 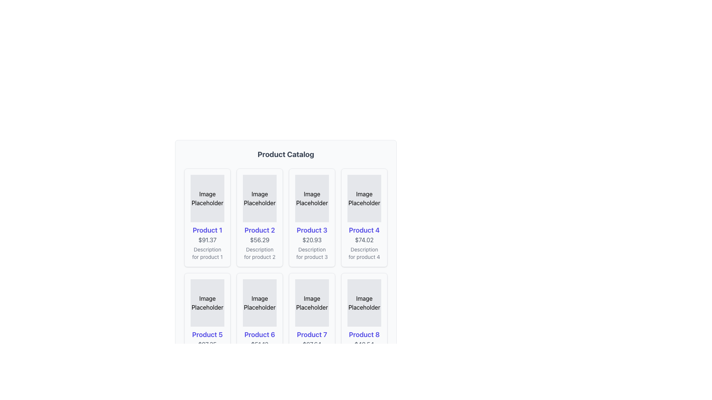 What do you see at coordinates (312, 198) in the screenshot?
I see `the Static Informational Area containing the text 'Image Placeholder' at the top of the card layout for 'Product 3'` at bounding box center [312, 198].